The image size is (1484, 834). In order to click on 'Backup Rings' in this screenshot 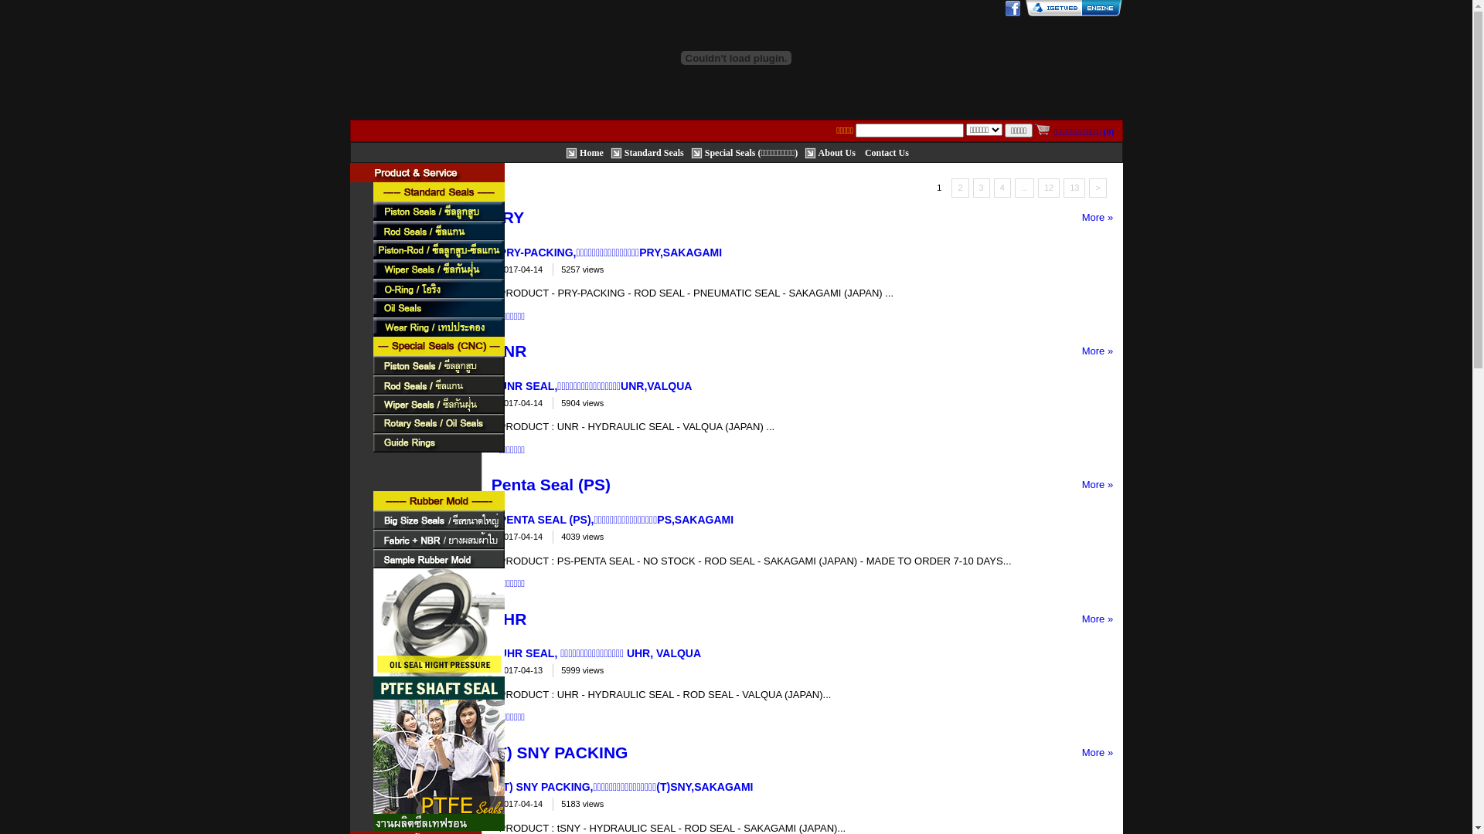, I will do `click(437, 461)`.